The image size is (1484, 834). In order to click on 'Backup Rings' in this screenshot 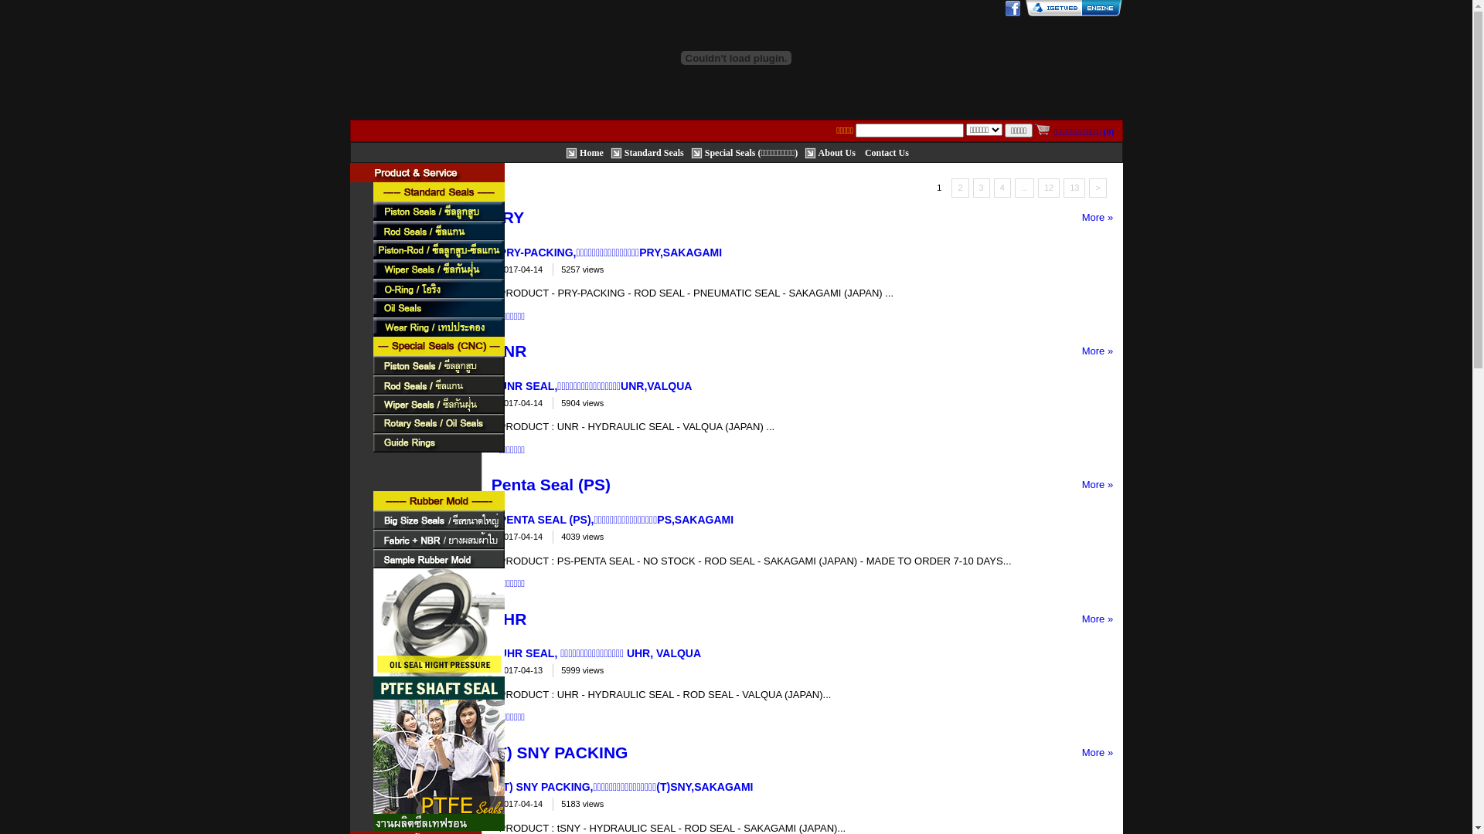, I will do `click(437, 461)`.